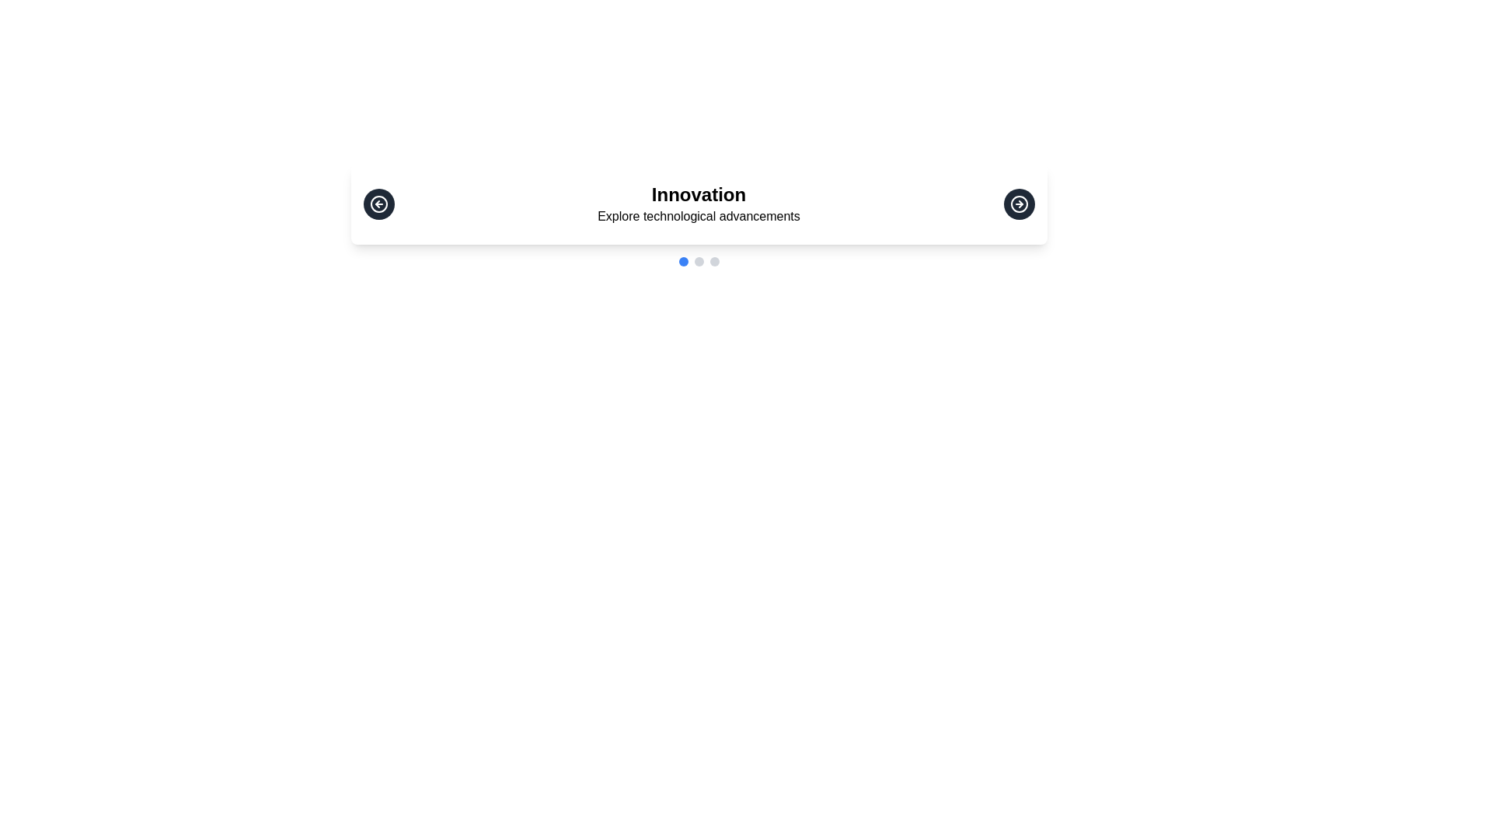  Describe the element at coordinates (698, 260) in the screenshot. I see `the second gray circular indicator in the group of step dots located below the 'Innovation' title section` at that location.